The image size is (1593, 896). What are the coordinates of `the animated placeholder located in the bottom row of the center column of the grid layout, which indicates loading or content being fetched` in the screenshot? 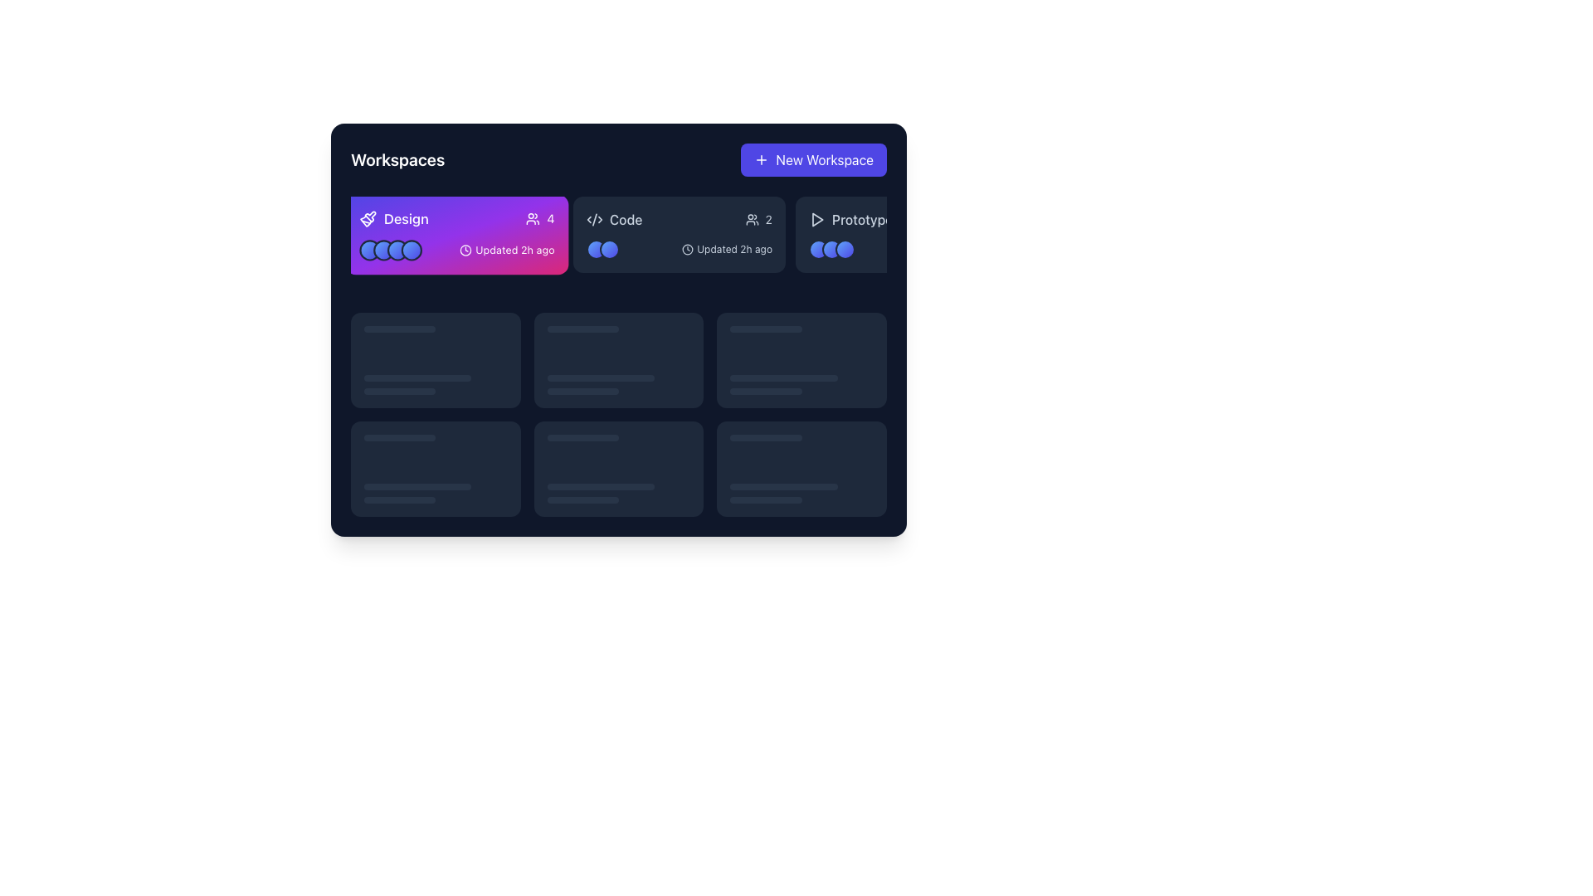 It's located at (617, 493).